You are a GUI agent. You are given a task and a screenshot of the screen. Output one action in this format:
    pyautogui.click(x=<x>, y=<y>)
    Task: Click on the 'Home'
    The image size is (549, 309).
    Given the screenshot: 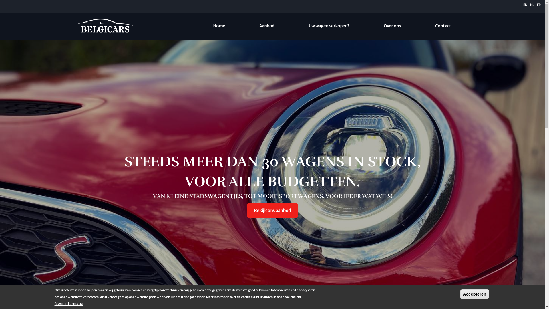 What is the action you would take?
    pyautogui.click(x=218, y=26)
    